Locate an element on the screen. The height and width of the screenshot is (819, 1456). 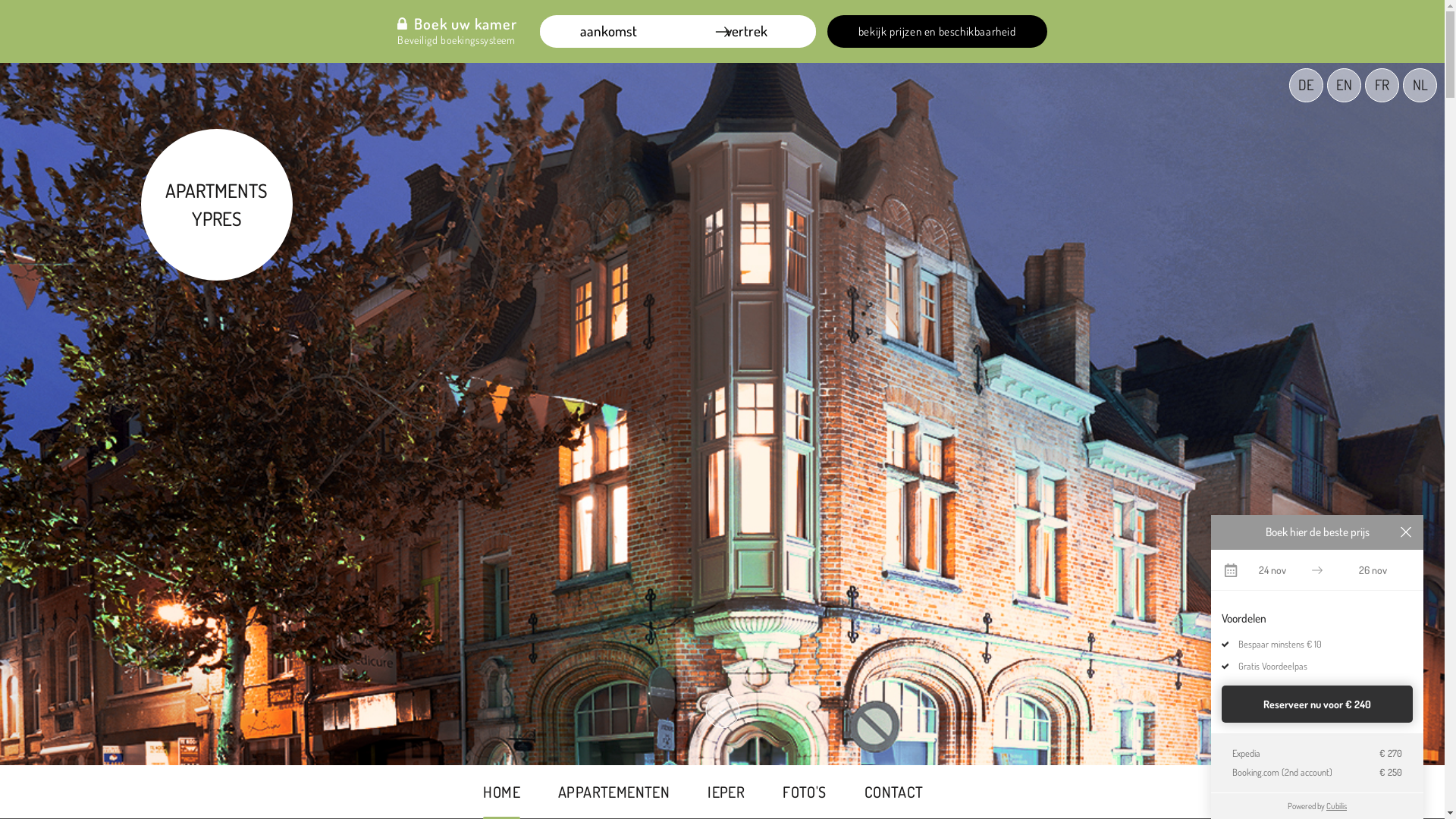
'HOME' is located at coordinates (482, 791).